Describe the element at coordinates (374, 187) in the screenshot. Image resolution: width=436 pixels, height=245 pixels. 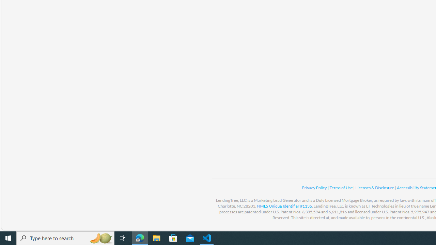
I see `'Licenses & Disclosure '` at that location.